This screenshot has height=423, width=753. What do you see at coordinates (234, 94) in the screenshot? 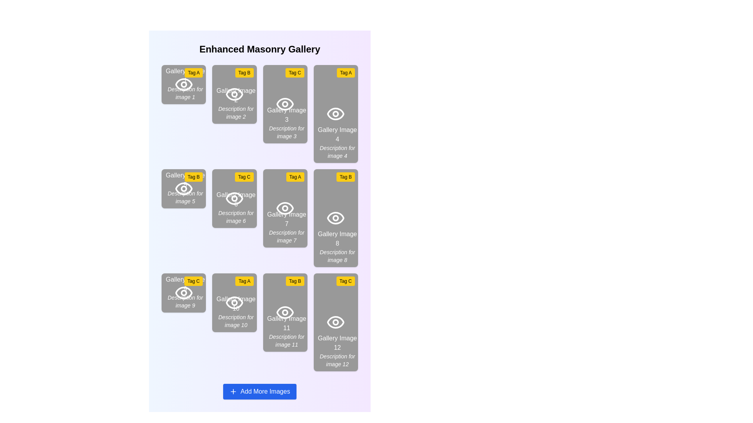
I see `the eye icon located centrally within the second card of the first row, above the text 'Description for image 2'` at bounding box center [234, 94].